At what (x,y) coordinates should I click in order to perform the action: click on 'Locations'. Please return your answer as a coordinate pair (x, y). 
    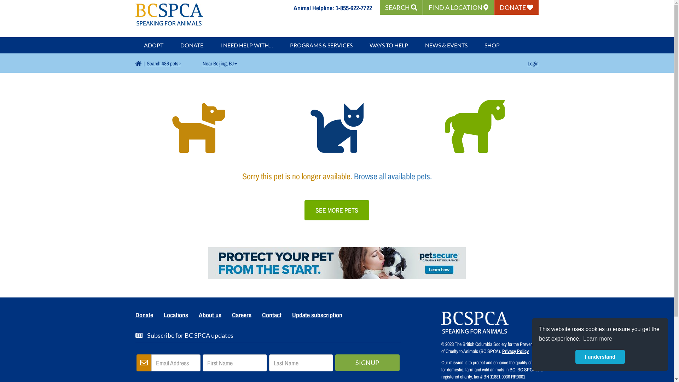
    Looking at the image, I should click on (158, 316).